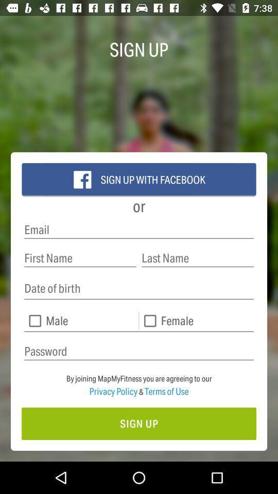 This screenshot has width=278, height=494. What do you see at coordinates (139, 289) in the screenshot?
I see `date of birth` at bounding box center [139, 289].